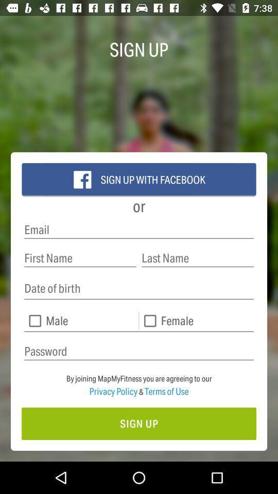 This screenshot has width=278, height=494. What do you see at coordinates (139, 289) in the screenshot?
I see `date of birth` at bounding box center [139, 289].